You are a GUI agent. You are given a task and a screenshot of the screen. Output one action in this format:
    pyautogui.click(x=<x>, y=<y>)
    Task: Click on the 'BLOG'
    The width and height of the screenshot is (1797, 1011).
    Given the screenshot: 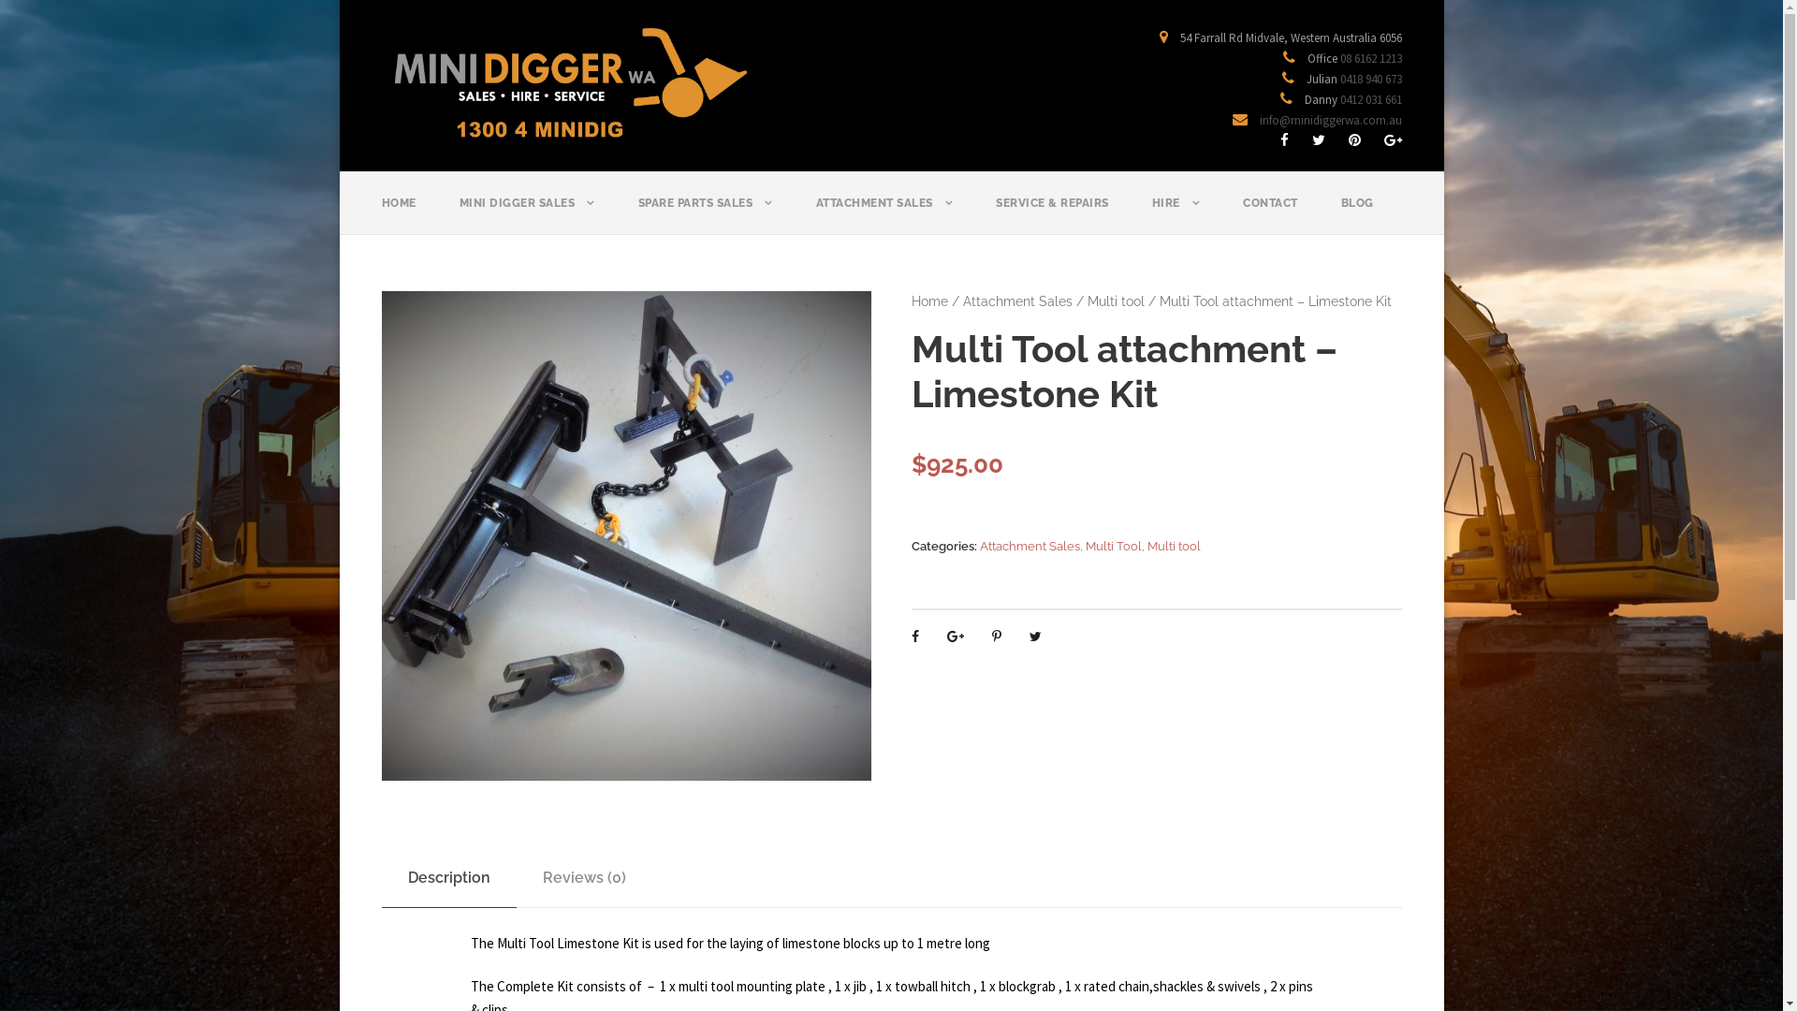 What is the action you would take?
    pyautogui.click(x=1356, y=212)
    